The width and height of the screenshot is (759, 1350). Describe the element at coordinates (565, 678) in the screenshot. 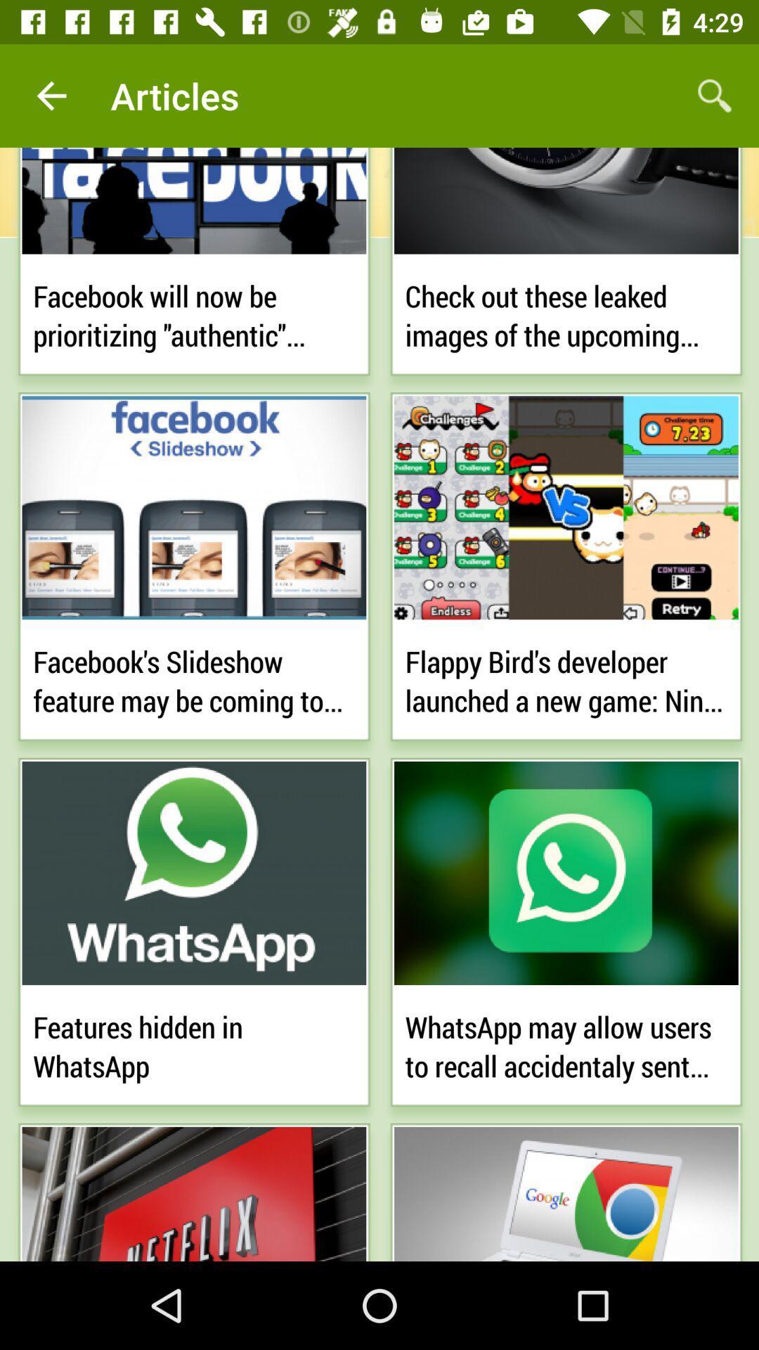

I see `the flappy bird s item` at that location.